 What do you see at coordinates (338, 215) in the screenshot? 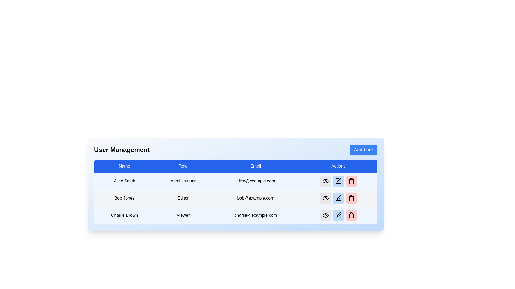
I see `the edit button for the 'Charlie Brown' entry` at bounding box center [338, 215].